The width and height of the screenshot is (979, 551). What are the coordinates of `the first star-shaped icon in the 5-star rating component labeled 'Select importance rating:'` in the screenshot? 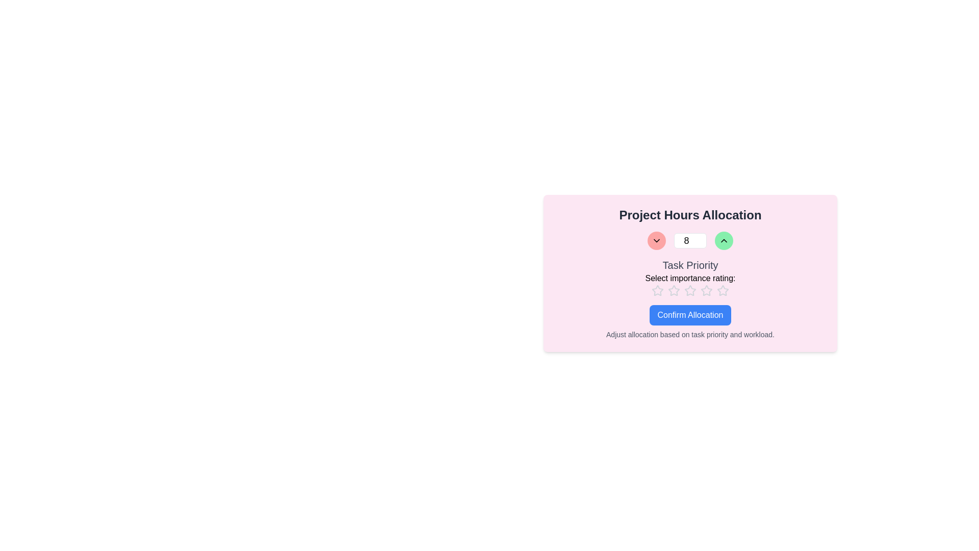 It's located at (658, 290).